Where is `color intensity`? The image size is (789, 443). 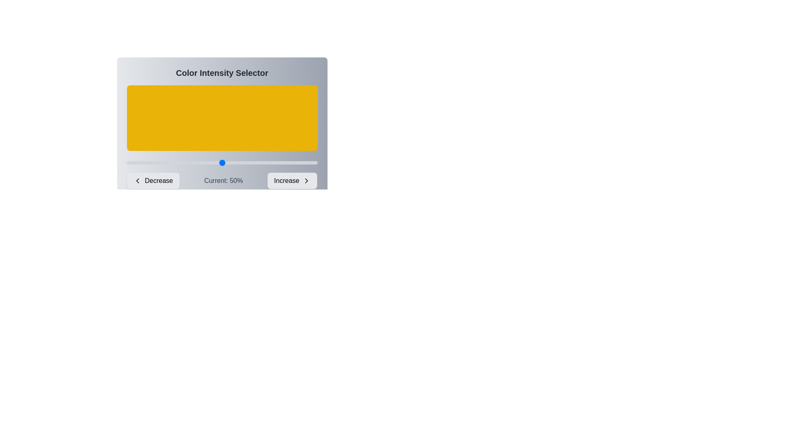
color intensity is located at coordinates (199, 163).